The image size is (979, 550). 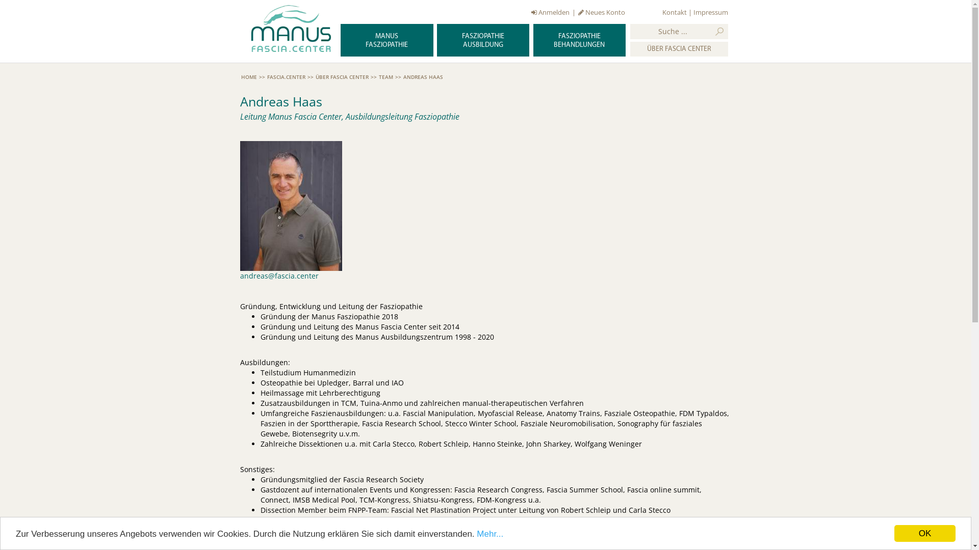 What do you see at coordinates (489, 533) in the screenshot?
I see `'Mehr...'` at bounding box center [489, 533].